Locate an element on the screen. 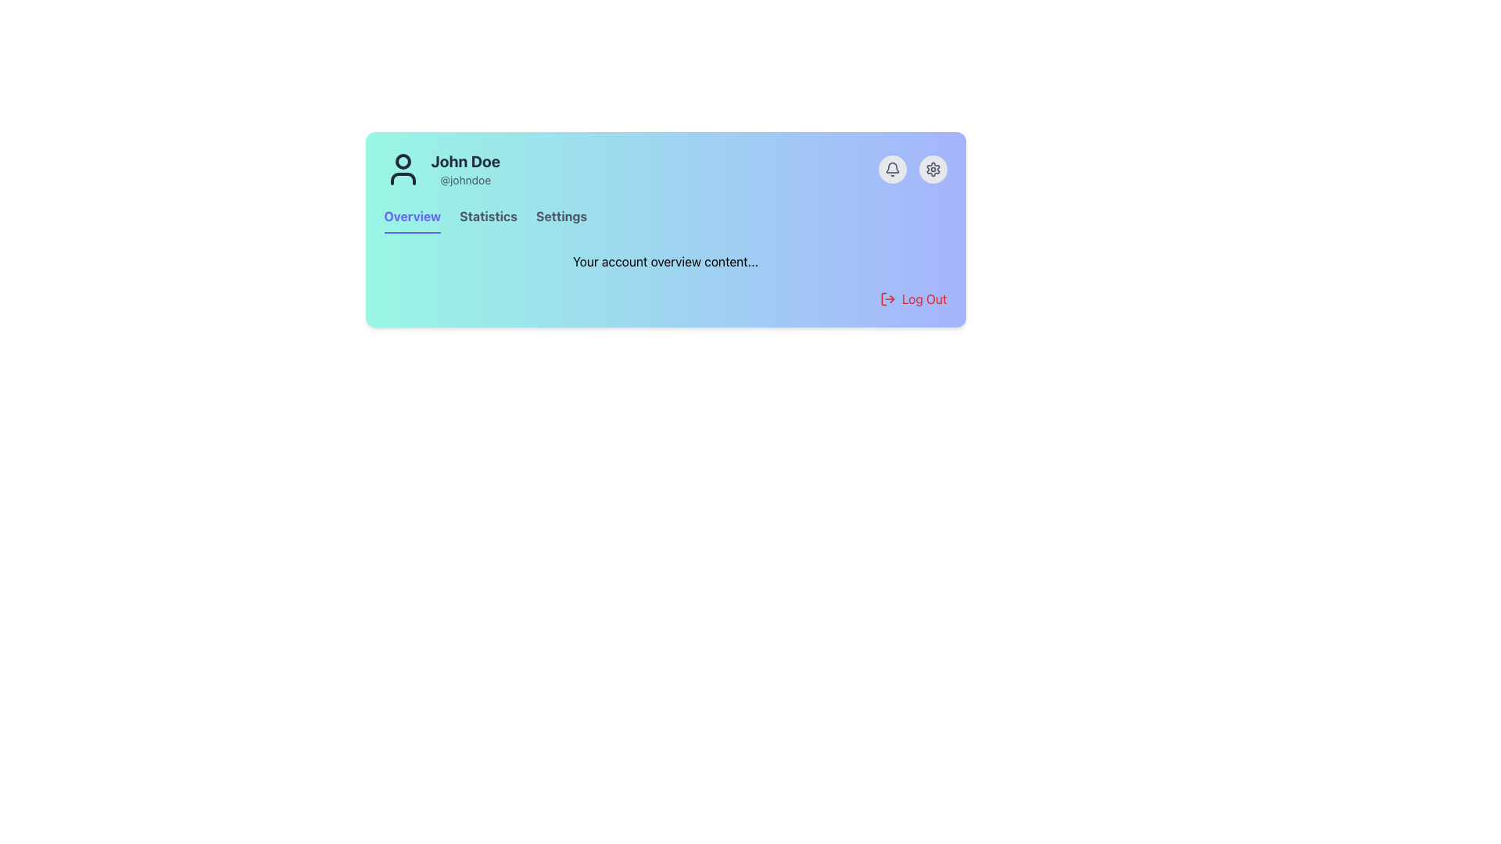 The width and height of the screenshot is (1501, 844). the text element displaying '@johndoe', which is styled in light gray and positioned below 'John Doe' within a card-like area is located at coordinates (464, 180).